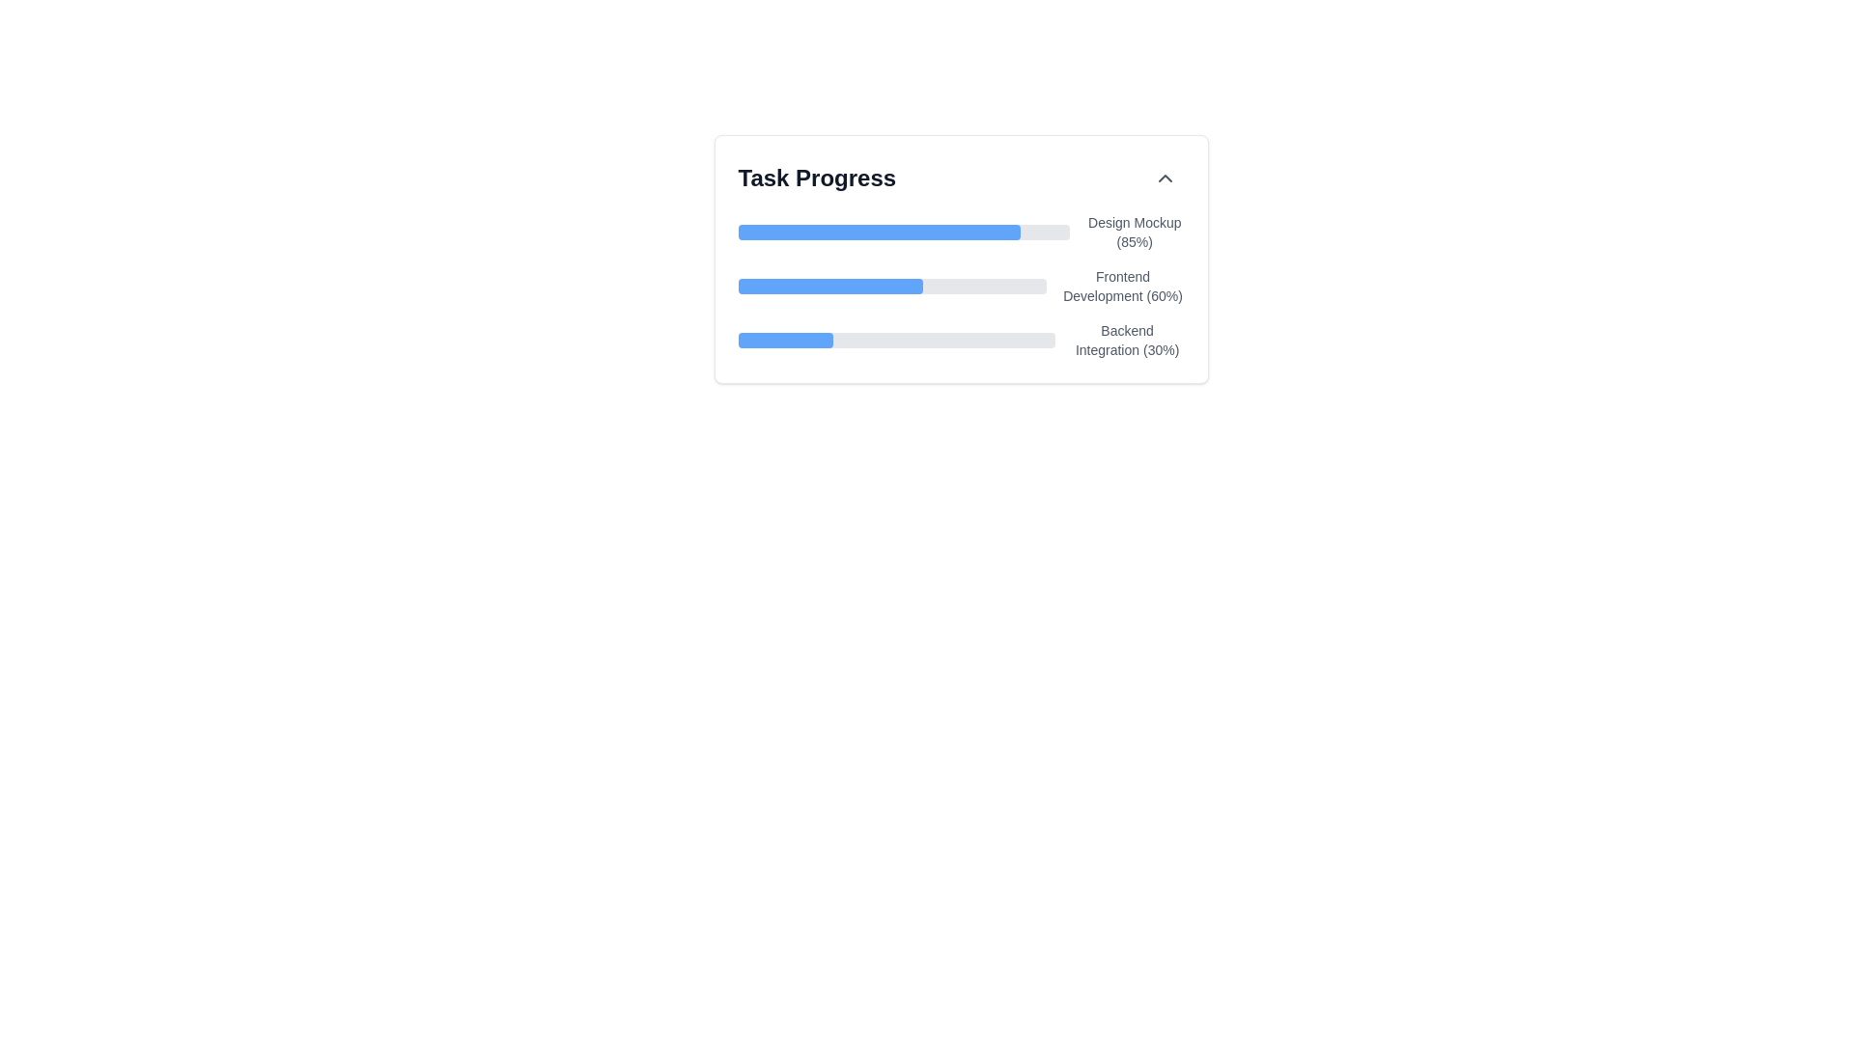 This screenshot has width=1854, height=1042. I want to click on the 'Task Progress' text label, which is a prominent bold dark gray label located at the top-left corner of the task summary widget, so click(816, 178).